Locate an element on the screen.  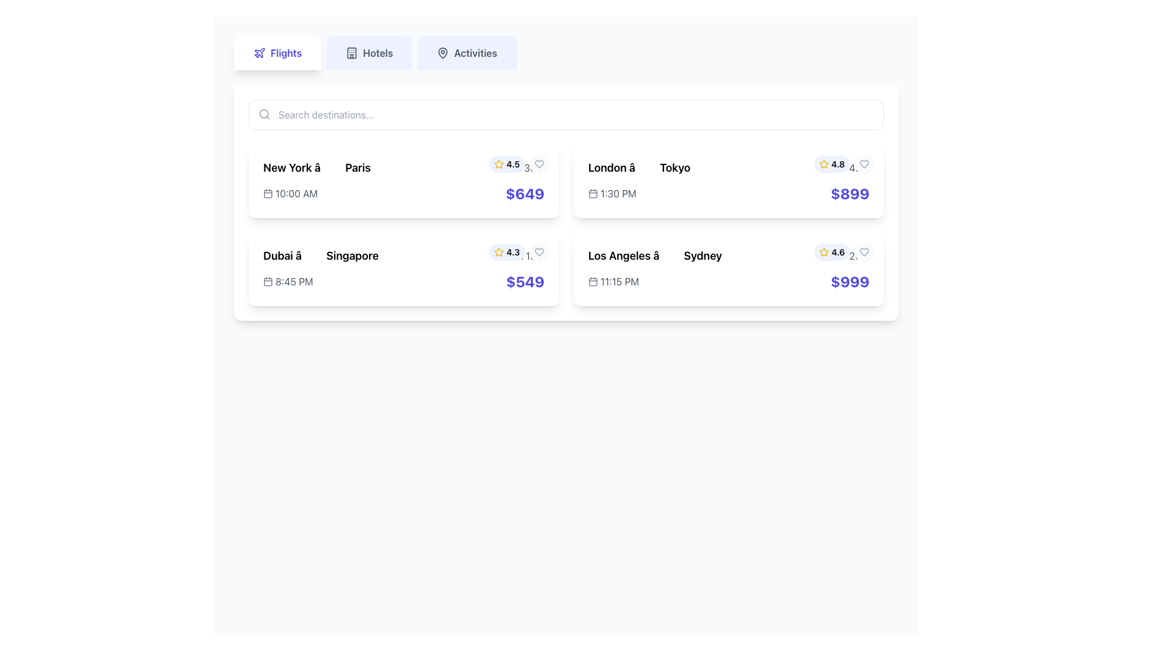
the heart icon button, which is styled with an outline stroke and represents a 'favorite' or 'like' symbol, located in the bottom-right section of the flight information card is located at coordinates (864, 164).